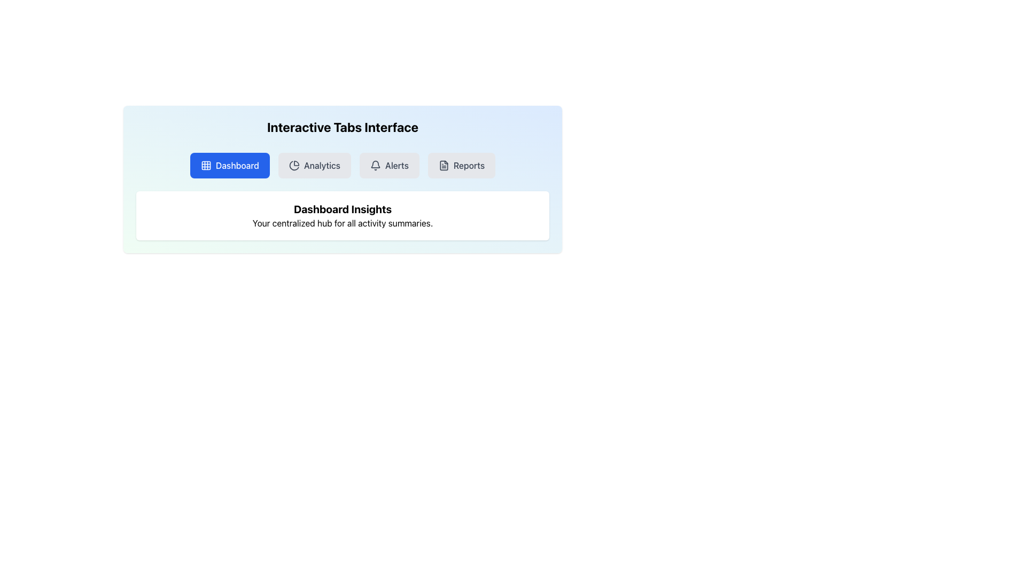 This screenshot has height=577, width=1026. Describe the element at coordinates (389, 165) in the screenshot. I see `the 'Alerts' navigation tab to switch the displayed content to show information or actions related to alerts` at that location.